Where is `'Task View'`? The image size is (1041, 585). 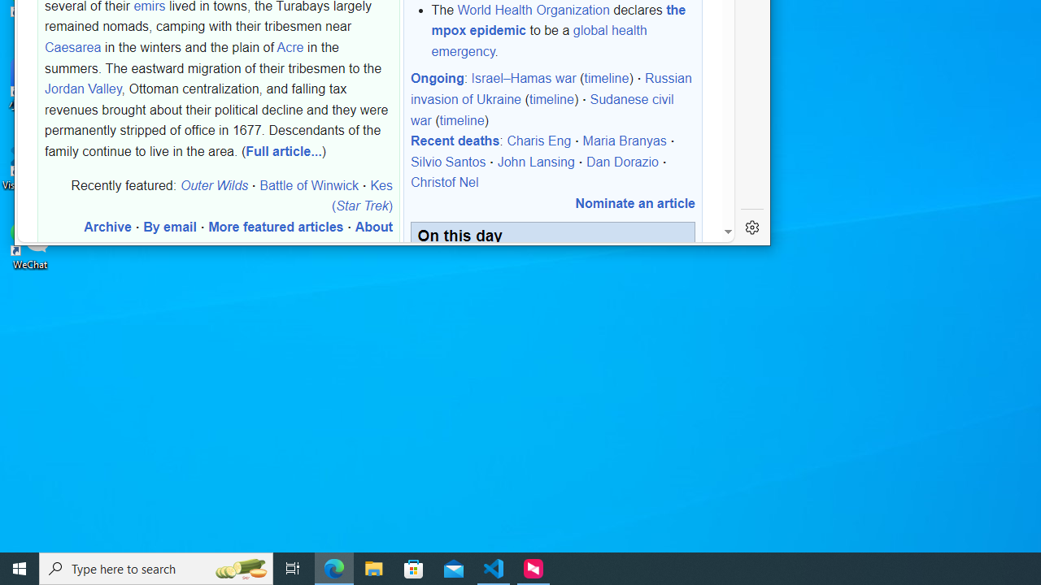 'Task View' is located at coordinates (292, 567).